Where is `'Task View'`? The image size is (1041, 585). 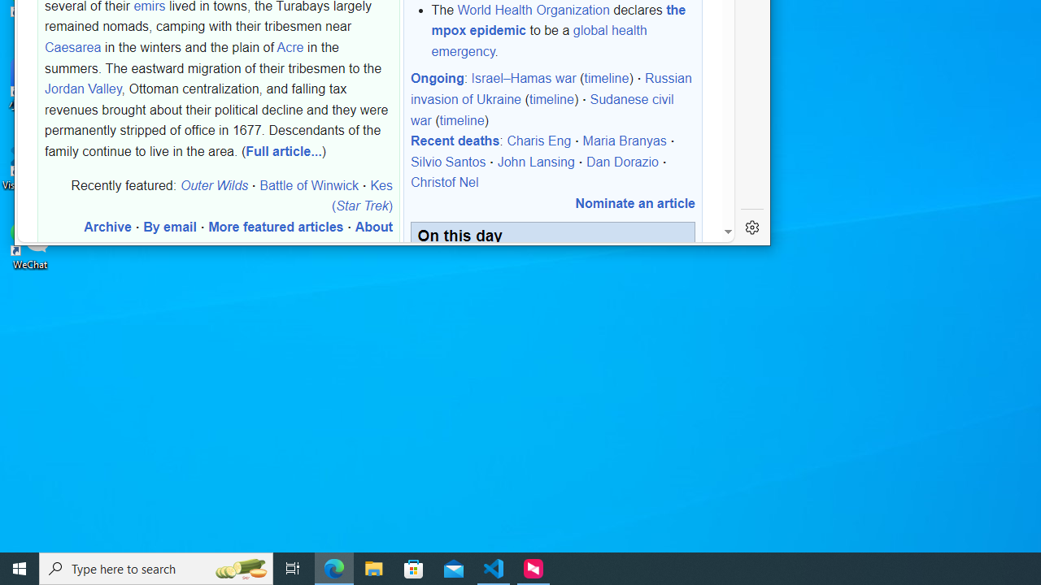 'Task View' is located at coordinates (292, 567).